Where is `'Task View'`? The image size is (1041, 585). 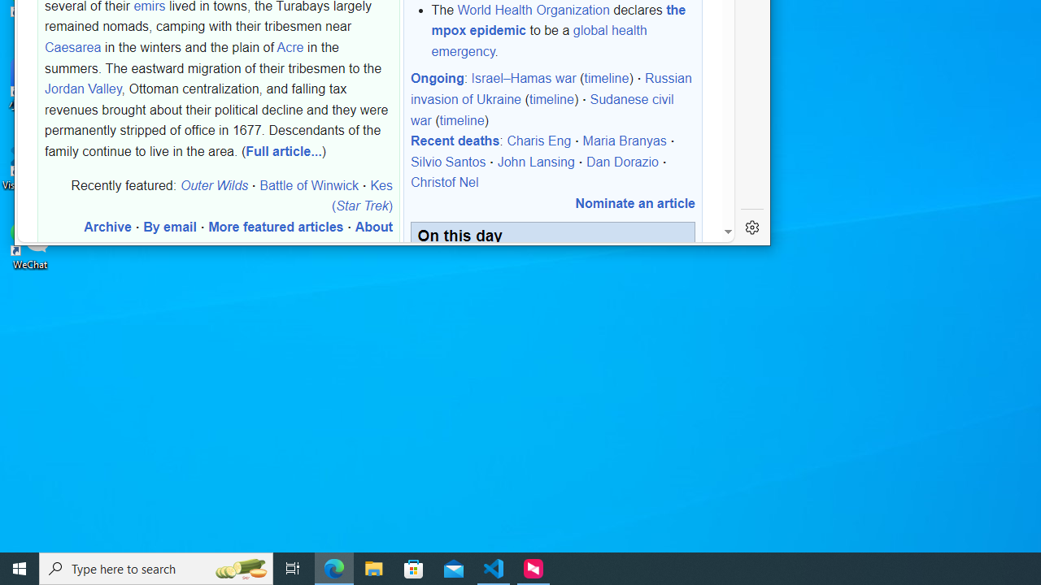 'Task View' is located at coordinates (292, 567).